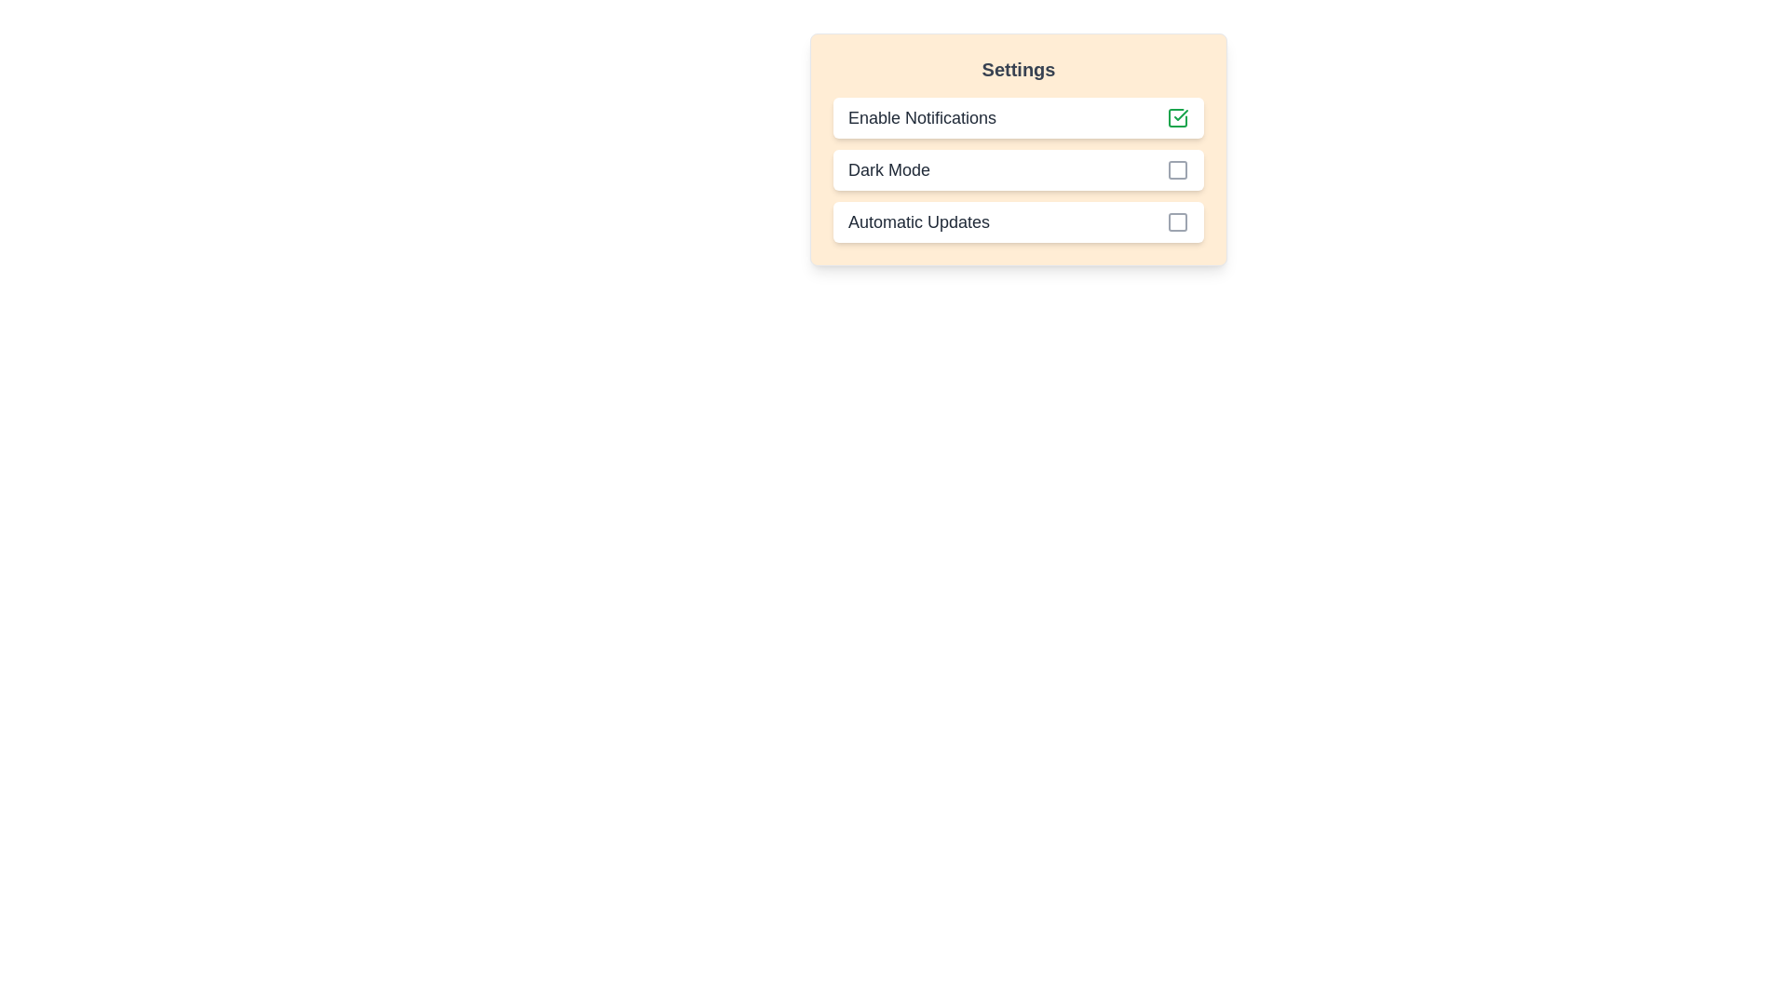 The height and width of the screenshot is (1005, 1788). I want to click on the third checkbox icon for 'Automatic Updates', so click(1177, 221).